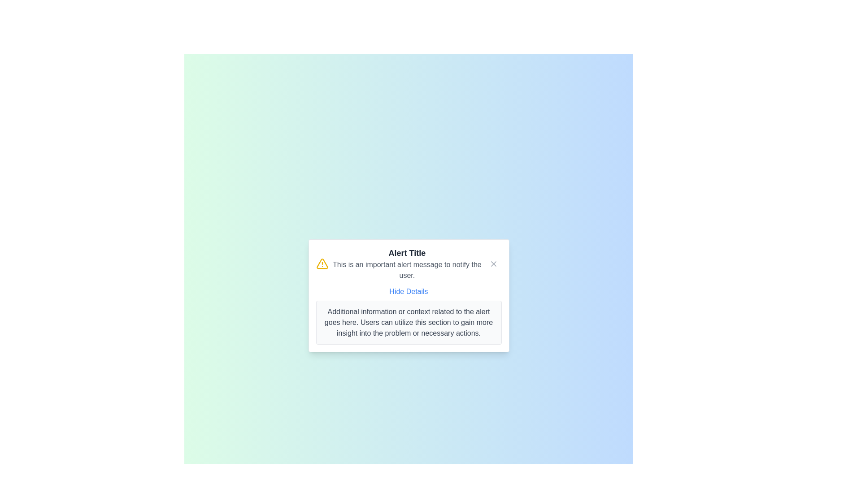 This screenshot has height=484, width=861. Describe the element at coordinates (493, 264) in the screenshot. I see `the close button to dismiss the alert notification` at that location.